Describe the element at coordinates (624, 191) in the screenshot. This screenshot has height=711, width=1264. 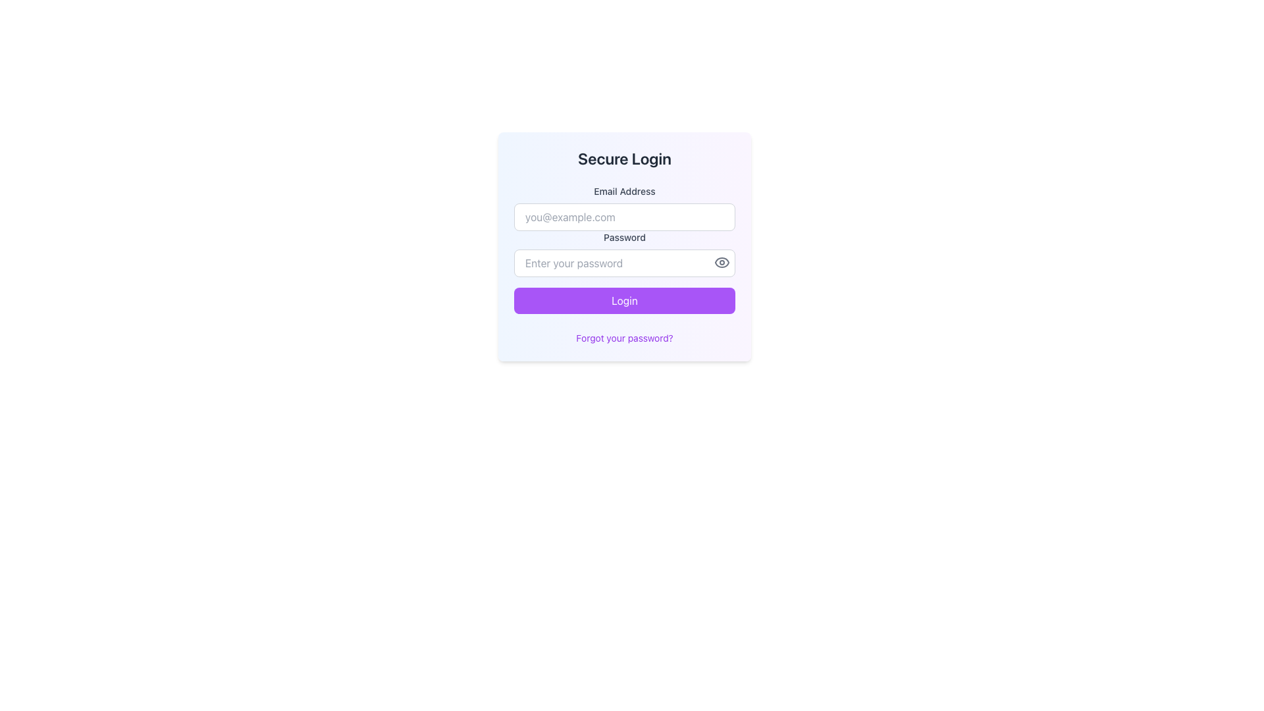
I see `label that guides the user to input their email address, located above the email input field with placeholder text 'you@example.com'` at that location.